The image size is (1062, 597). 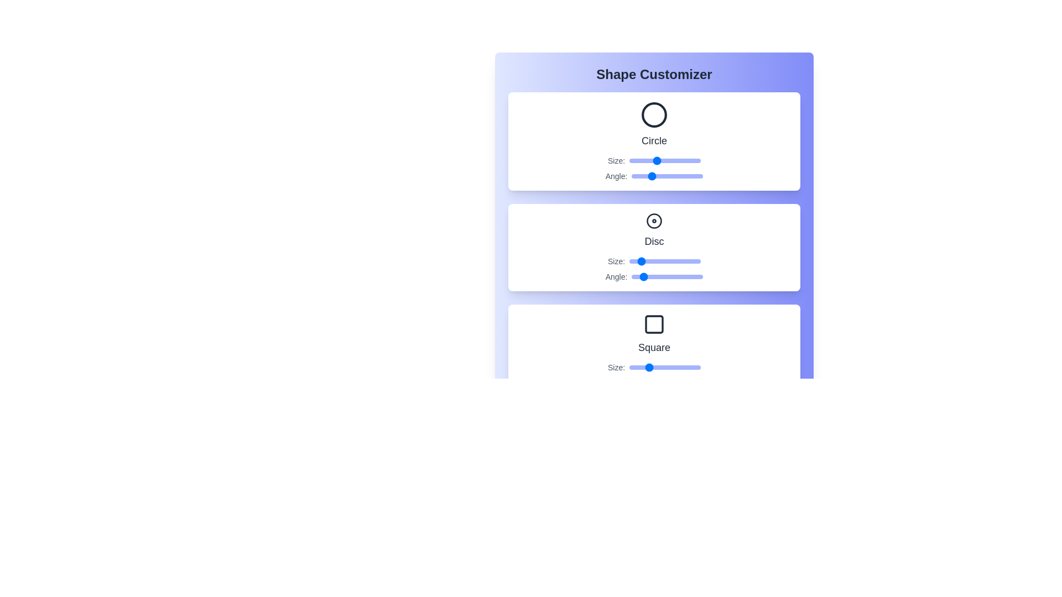 I want to click on the angle of the Disc shape to 266 degrees, so click(x=684, y=276).